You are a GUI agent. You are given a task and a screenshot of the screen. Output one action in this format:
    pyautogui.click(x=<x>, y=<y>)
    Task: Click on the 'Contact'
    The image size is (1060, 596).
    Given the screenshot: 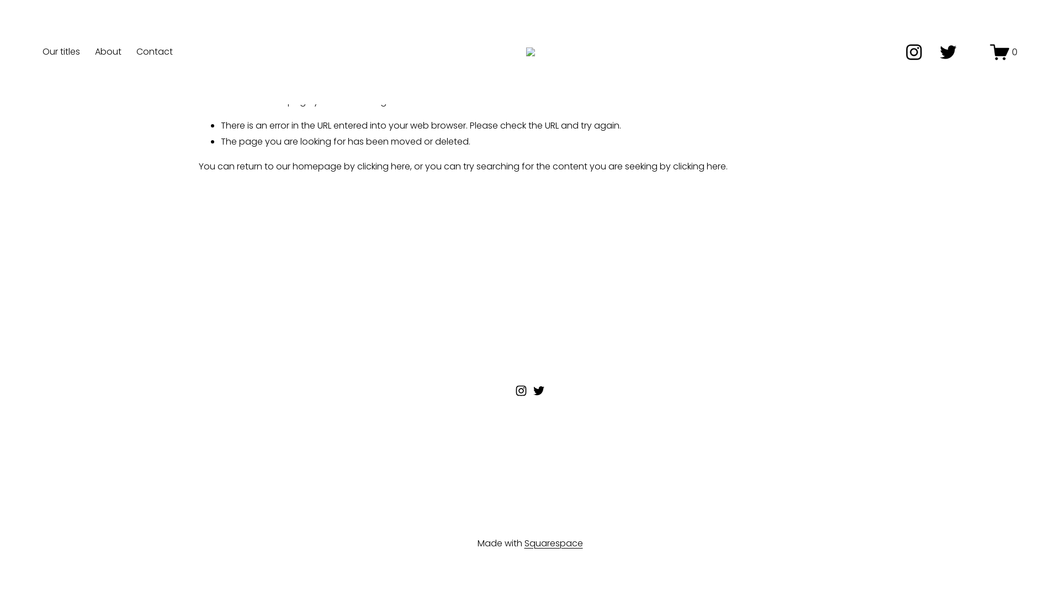 What is the action you would take?
    pyautogui.click(x=153, y=51)
    